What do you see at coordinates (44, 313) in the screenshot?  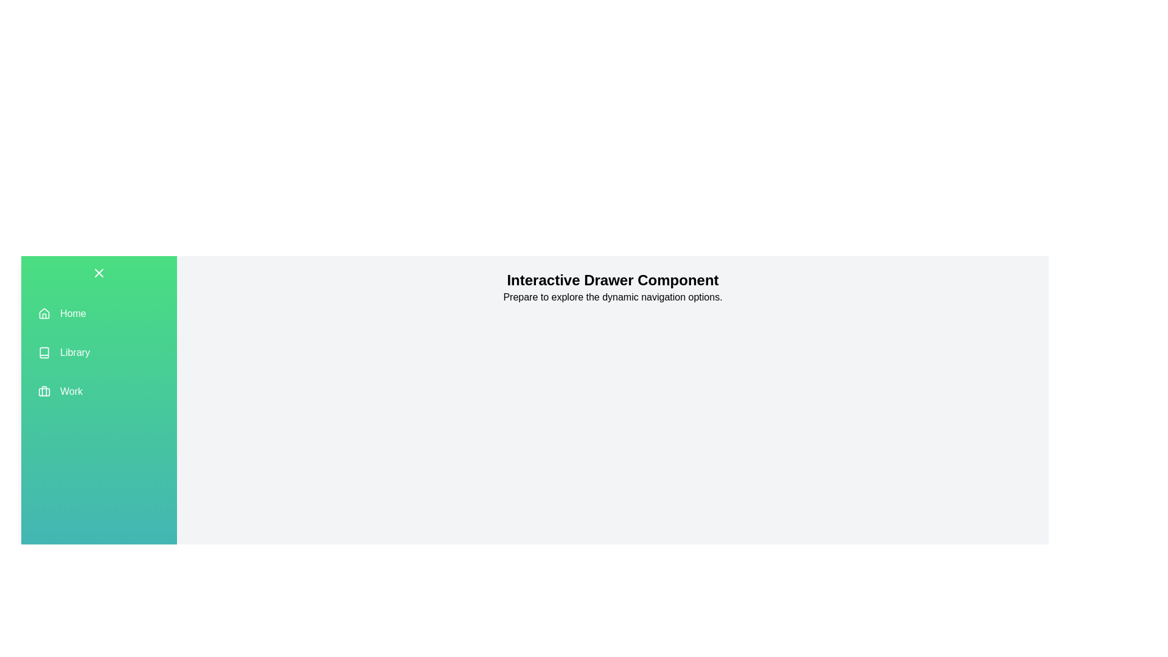 I see `the Home icon to trigger its functionality` at bounding box center [44, 313].